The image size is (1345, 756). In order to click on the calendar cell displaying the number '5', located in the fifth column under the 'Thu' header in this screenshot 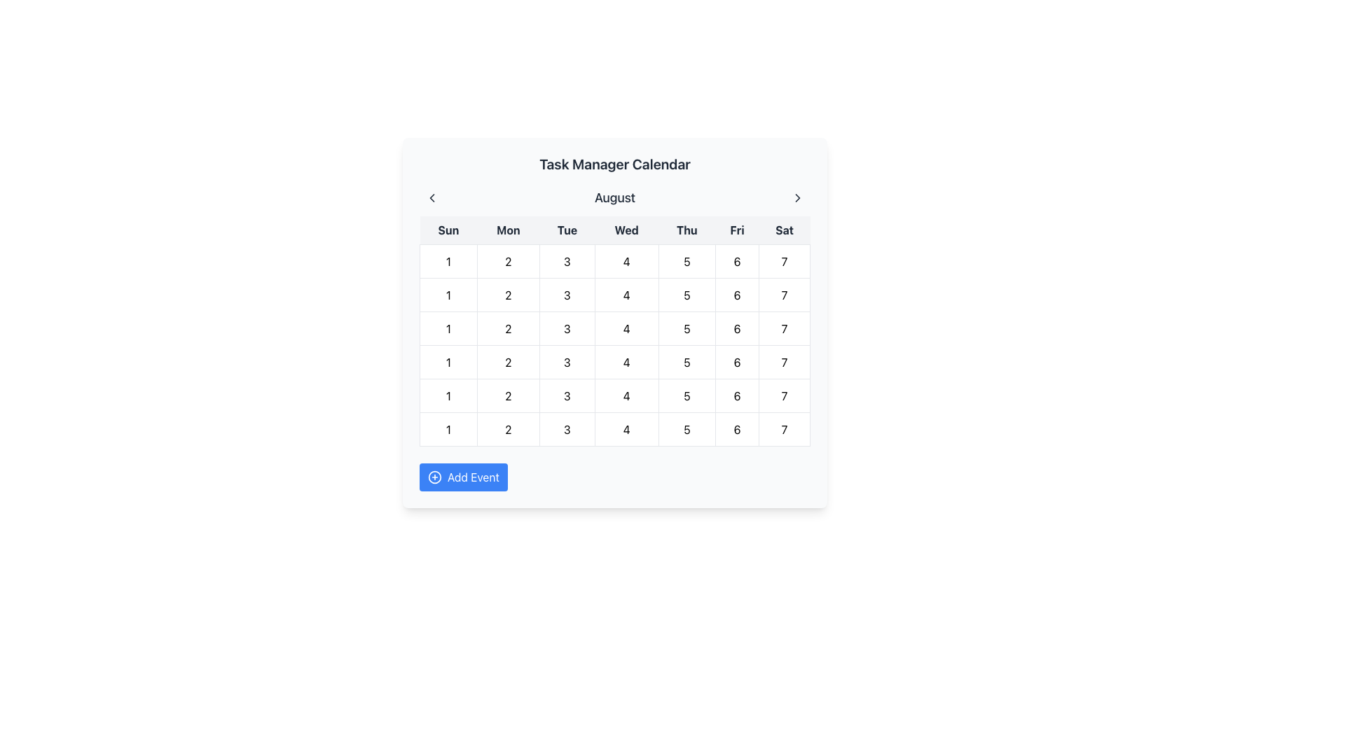, I will do `click(687, 361)`.